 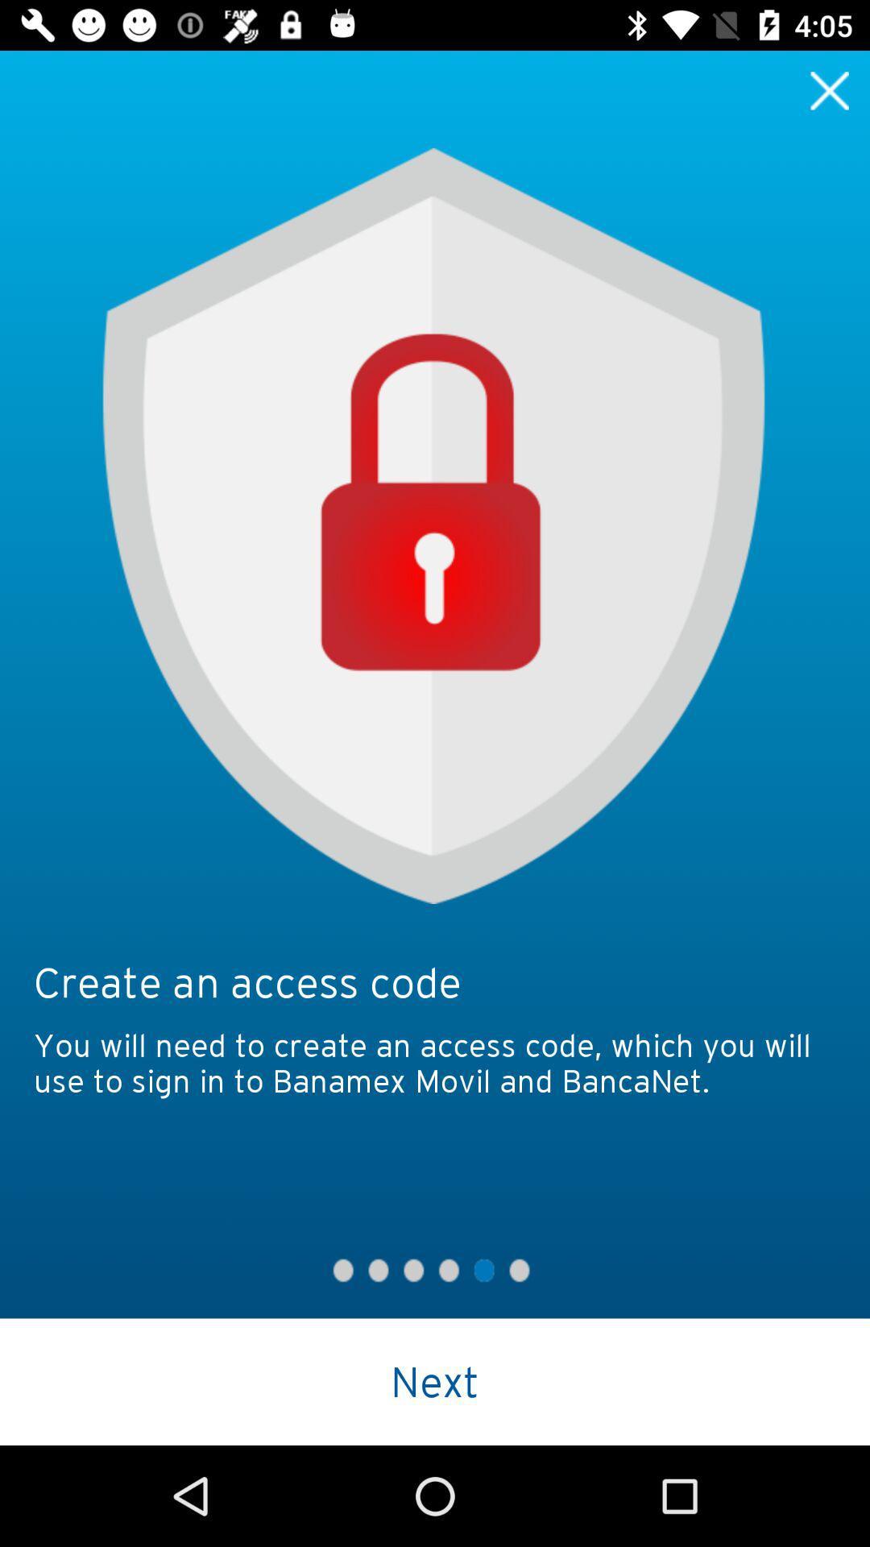 I want to click on the close icon, so click(x=830, y=89).